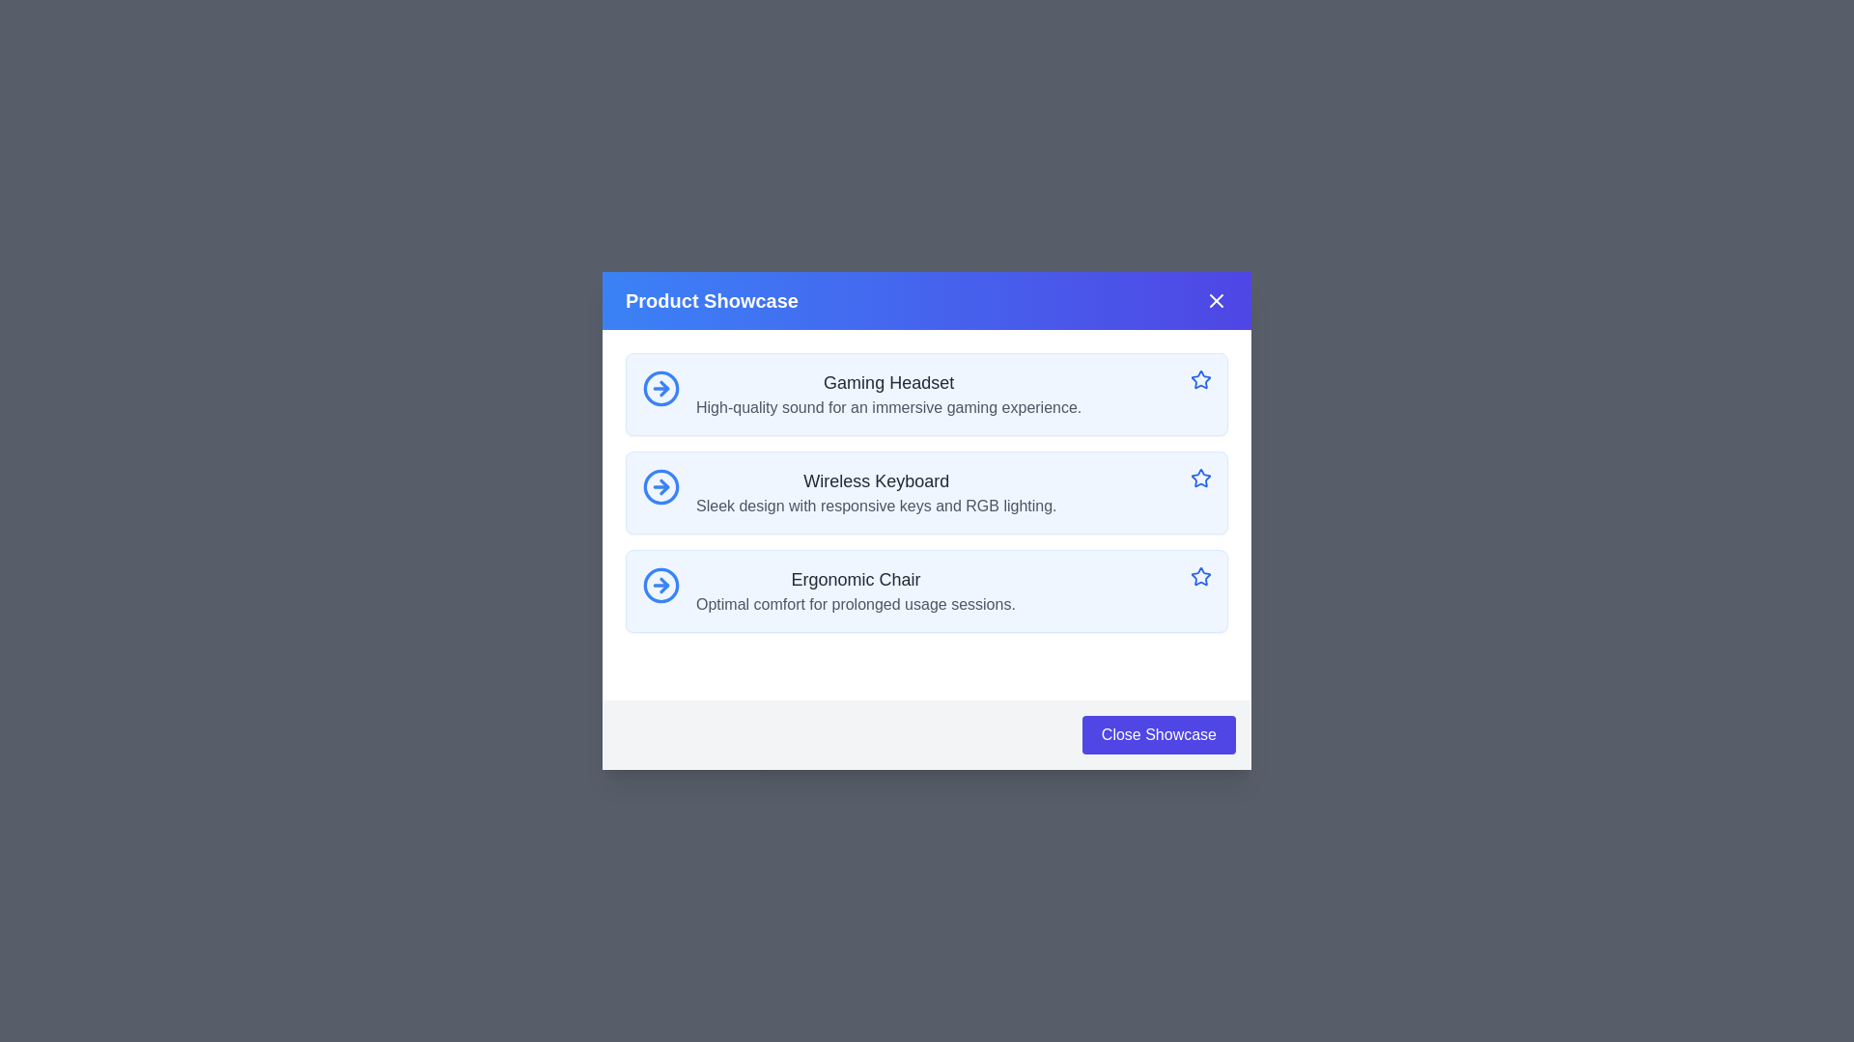  Describe the element at coordinates (1215, 301) in the screenshot. I see `the small square icon with a white 'X' symbol inside it located in the top-right corner of the 'Product Showcase' header bar` at that location.